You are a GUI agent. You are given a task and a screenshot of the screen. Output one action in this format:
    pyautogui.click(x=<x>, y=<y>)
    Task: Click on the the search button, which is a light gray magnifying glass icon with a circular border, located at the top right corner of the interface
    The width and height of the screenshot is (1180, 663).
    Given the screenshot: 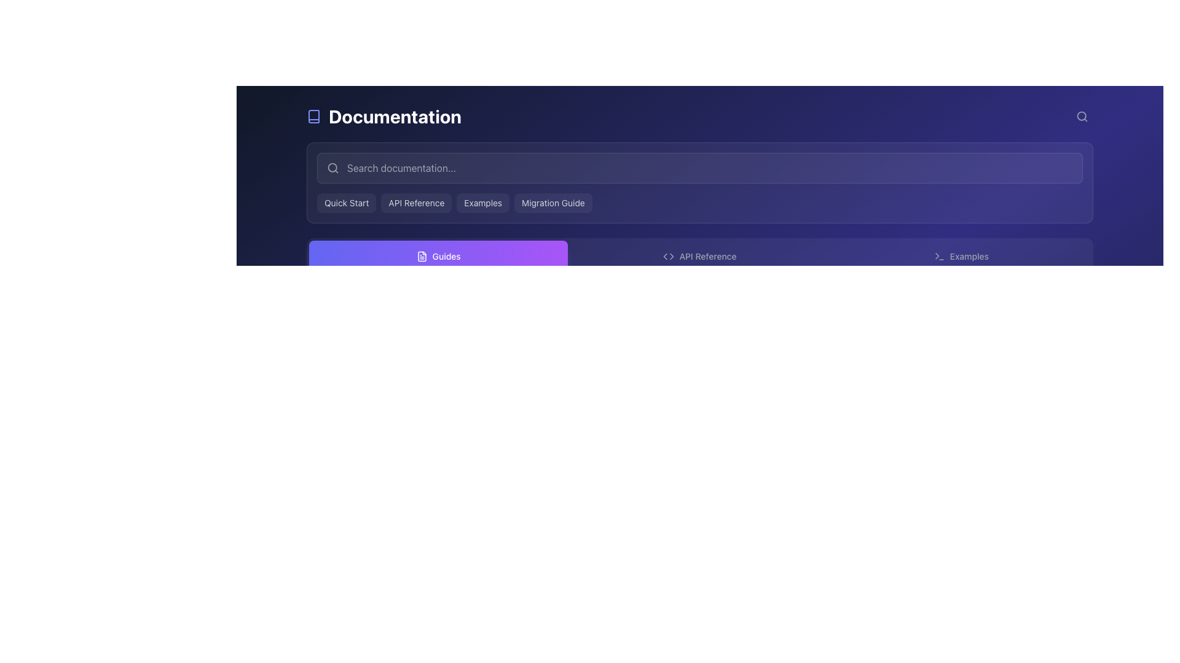 What is the action you would take?
    pyautogui.click(x=1082, y=116)
    